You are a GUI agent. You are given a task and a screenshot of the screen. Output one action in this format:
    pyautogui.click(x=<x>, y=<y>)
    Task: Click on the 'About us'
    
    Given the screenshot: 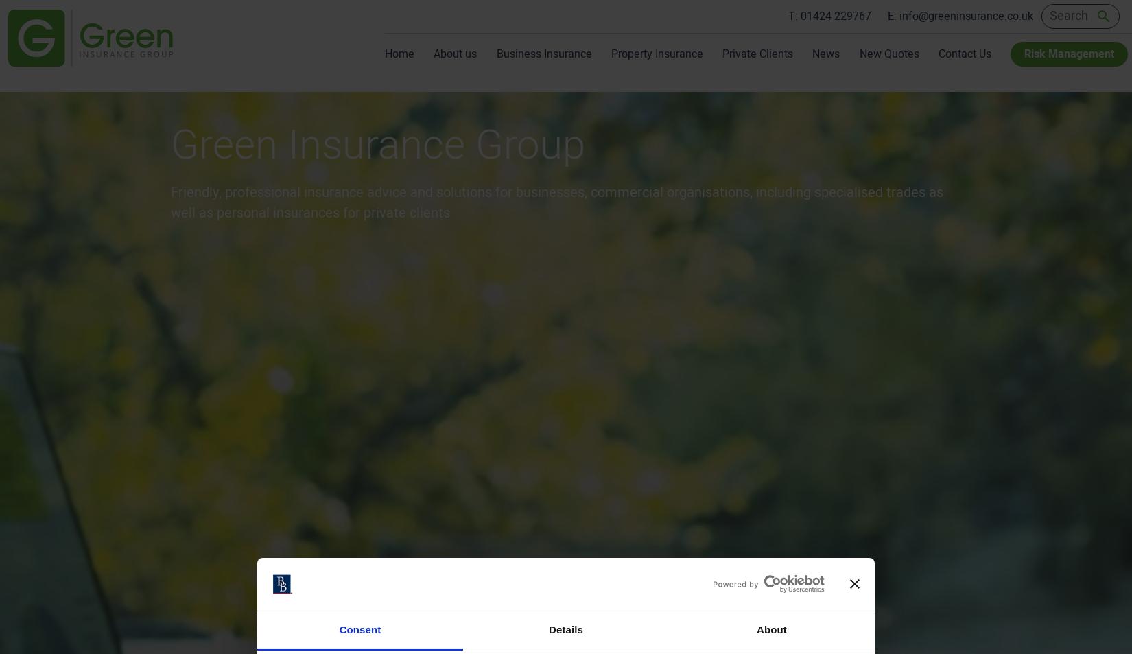 What is the action you would take?
    pyautogui.click(x=454, y=54)
    